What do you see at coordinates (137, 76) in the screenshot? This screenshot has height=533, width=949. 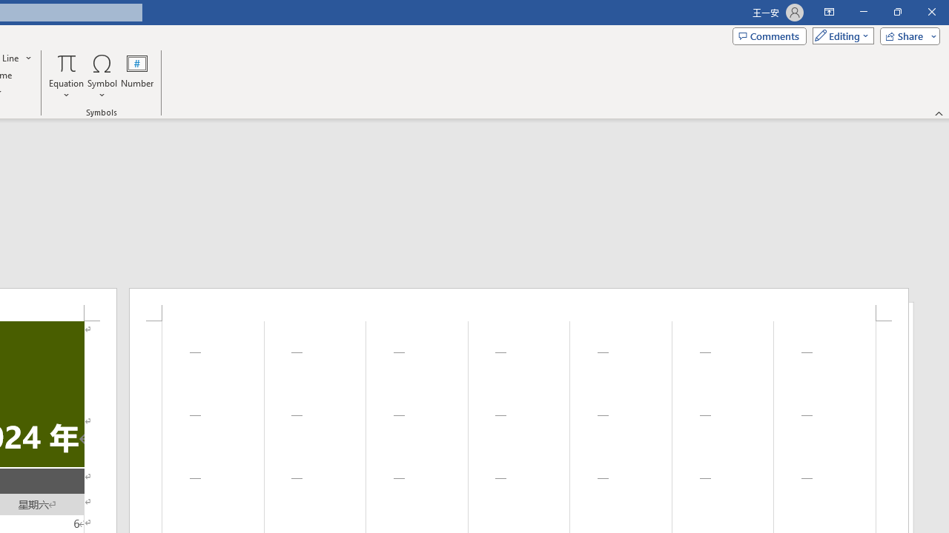 I see `'Number...'` at bounding box center [137, 76].